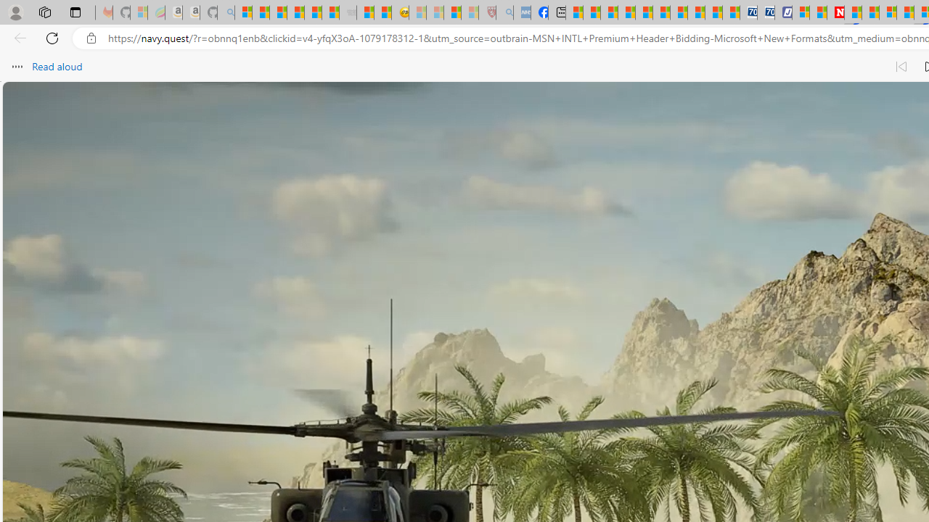 The height and width of the screenshot is (522, 929). What do you see at coordinates (900, 67) in the screenshot?
I see `'Read previous paragraph'` at bounding box center [900, 67].